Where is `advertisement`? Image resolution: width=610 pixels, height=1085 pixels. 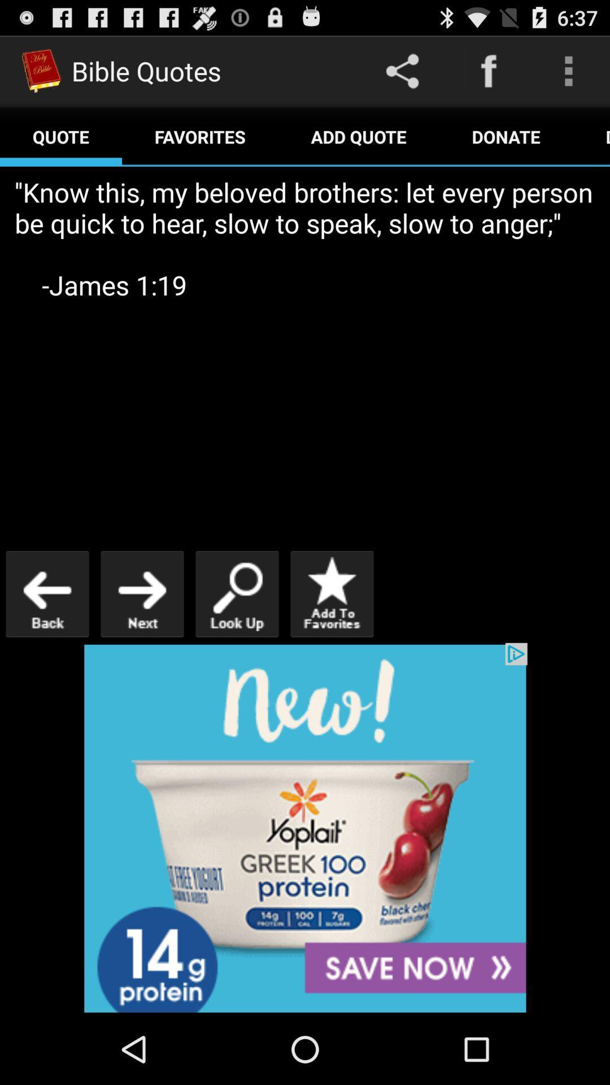 advertisement is located at coordinates (305, 828).